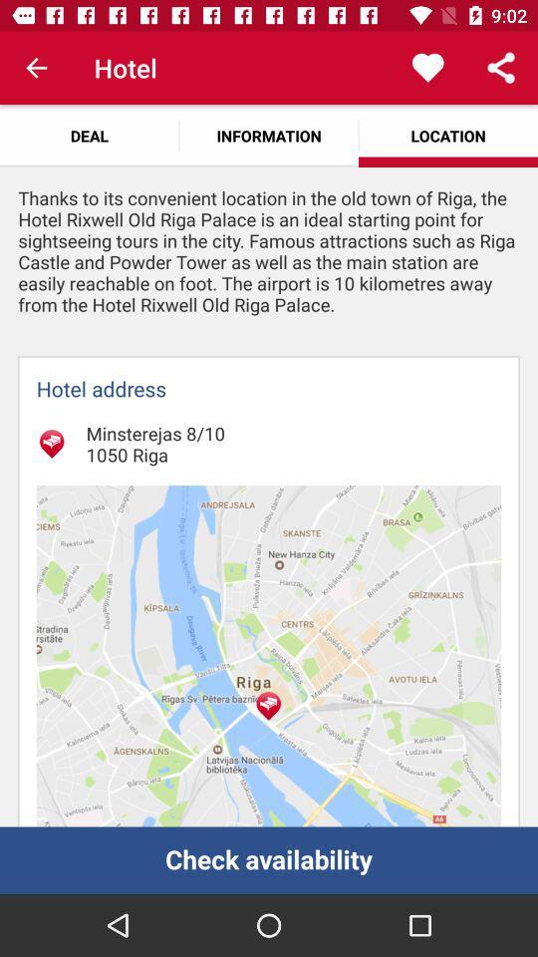 The width and height of the screenshot is (538, 957). Describe the element at coordinates (36, 68) in the screenshot. I see `item next to the hotel app` at that location.